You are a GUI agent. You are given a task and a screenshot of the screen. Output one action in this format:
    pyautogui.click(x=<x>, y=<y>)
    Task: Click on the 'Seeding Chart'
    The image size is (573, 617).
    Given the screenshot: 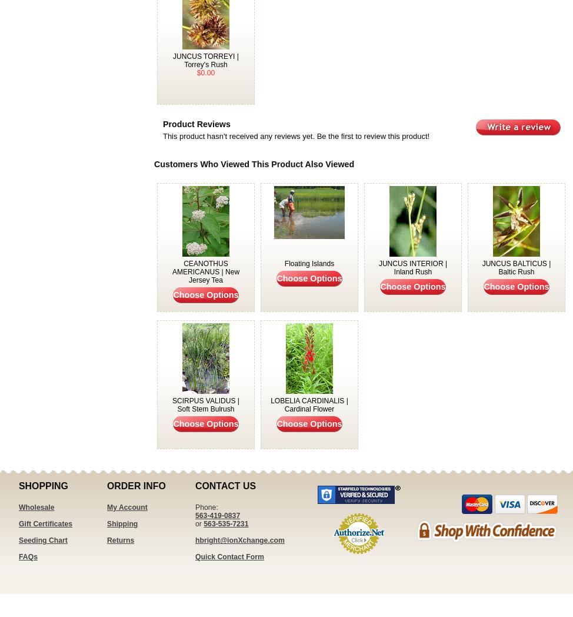 What is the action you would take?
    pyautogui.click(x=42, y=540)
    